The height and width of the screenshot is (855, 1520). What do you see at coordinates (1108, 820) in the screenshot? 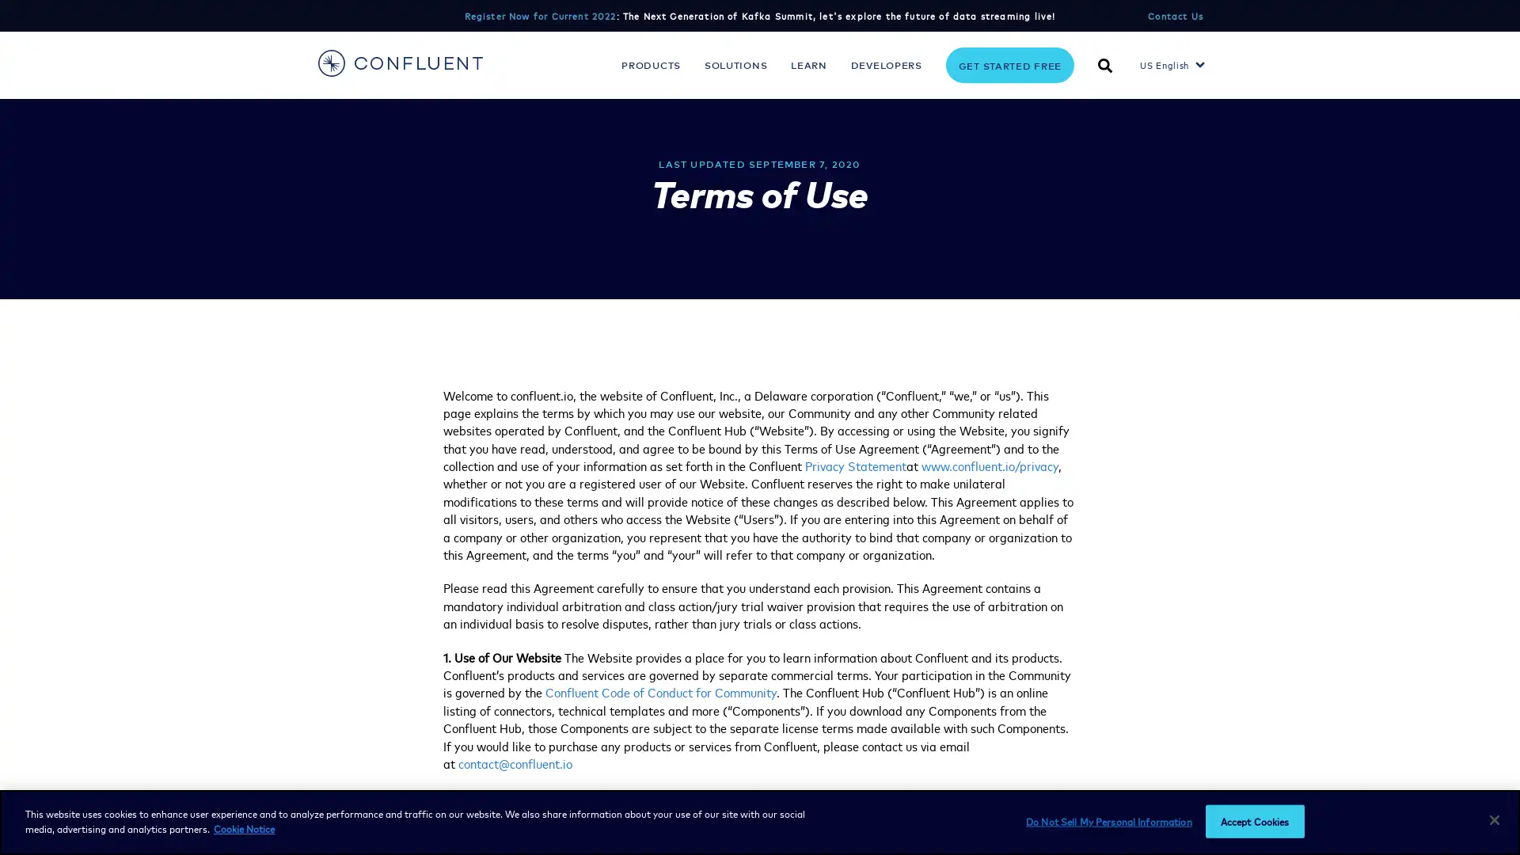
I see `Do Not Sell My Personal Information` at bounding box center [1108, 820].